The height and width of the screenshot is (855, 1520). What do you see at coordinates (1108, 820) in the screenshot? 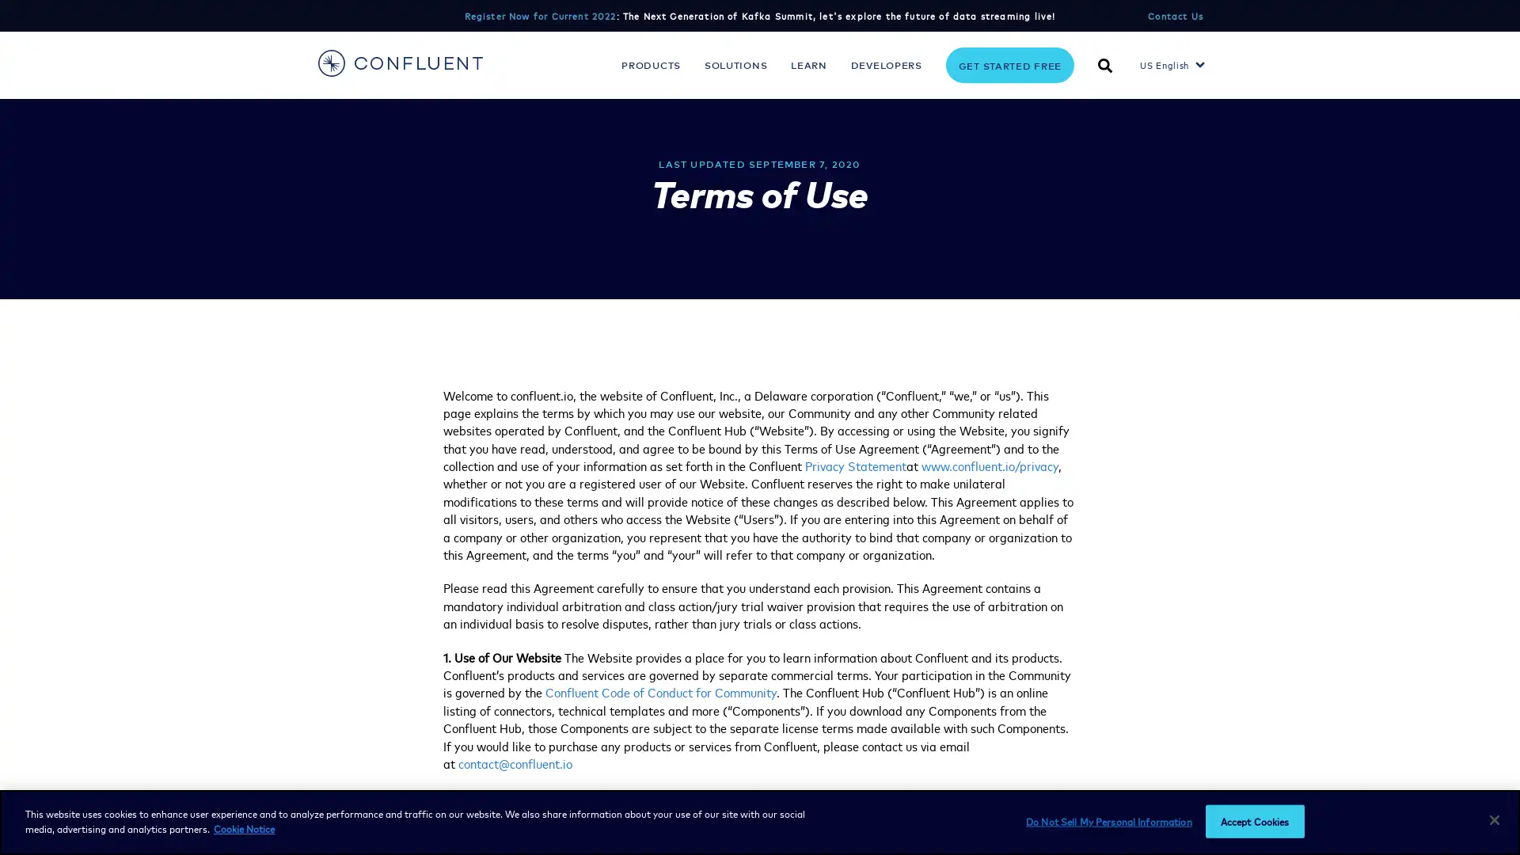
I see `Do Not Sell My Personal Information` at bounding box center [1108, 820].